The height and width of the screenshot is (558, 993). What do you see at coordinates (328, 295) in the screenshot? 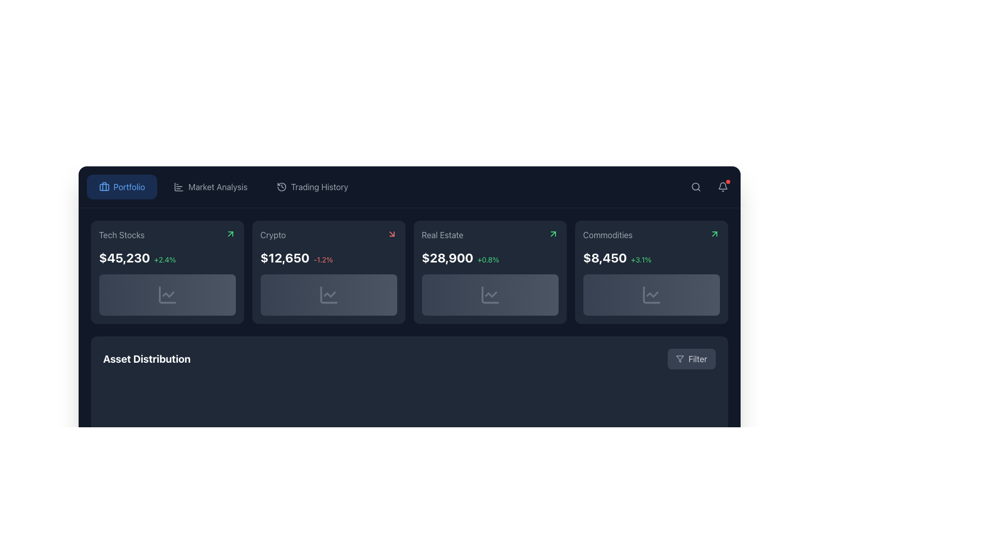
I see `the line chart icon, which is a gray graphical icon representing data trends, located at the bottom center of the second card in the financial categories row` at bounding box center [328, 295].